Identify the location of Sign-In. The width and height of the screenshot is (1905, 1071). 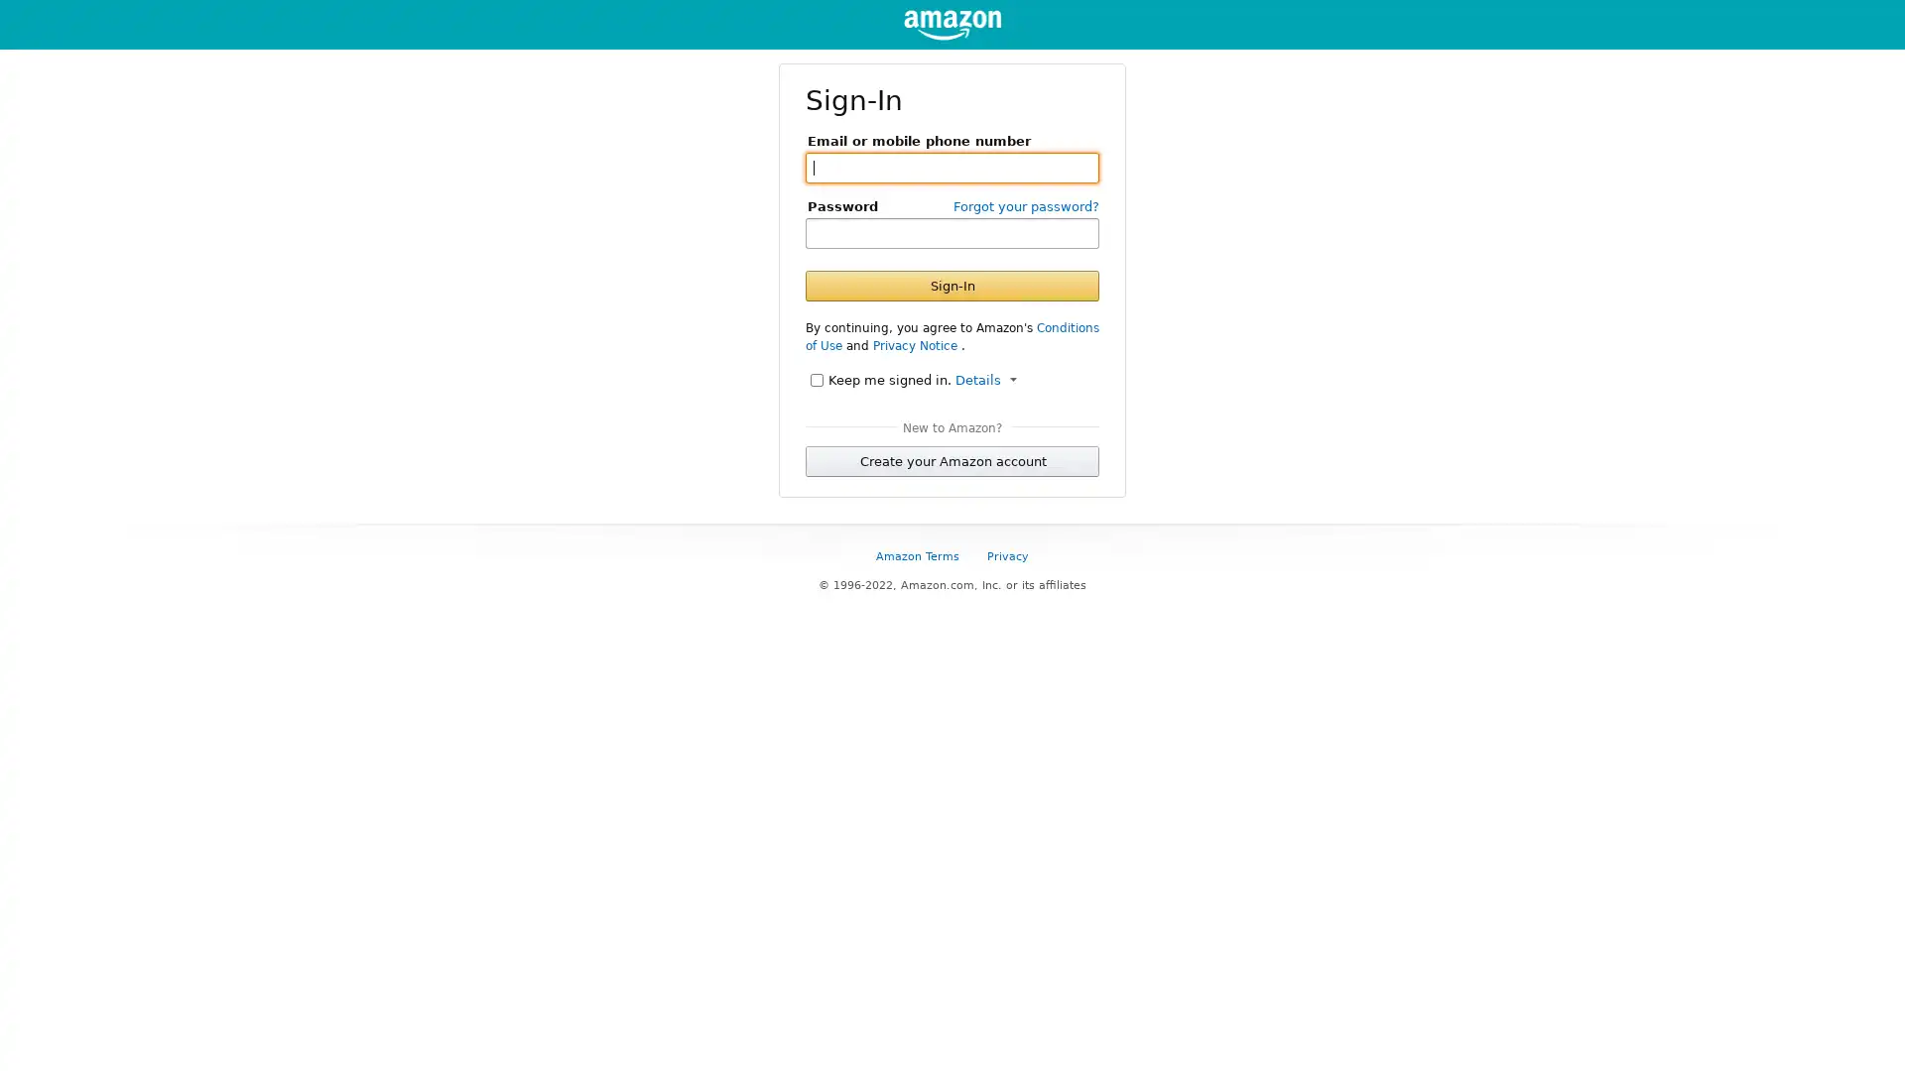
(952, 285).